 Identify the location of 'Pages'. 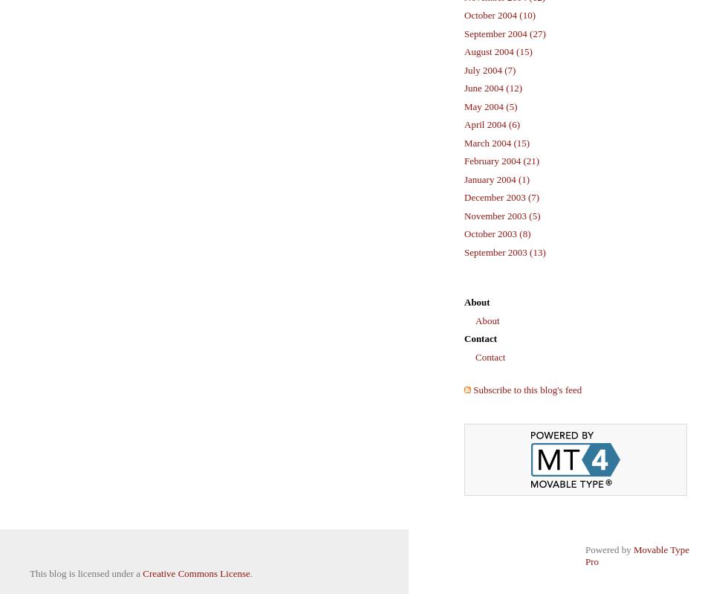
(479, 281).